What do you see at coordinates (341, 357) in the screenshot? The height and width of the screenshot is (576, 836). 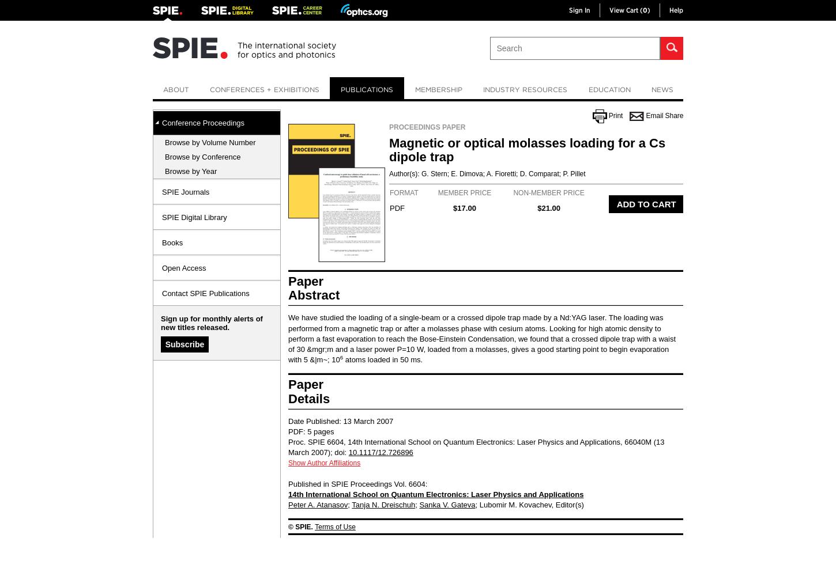 I see `'6'` at bounding box center [341, 357].